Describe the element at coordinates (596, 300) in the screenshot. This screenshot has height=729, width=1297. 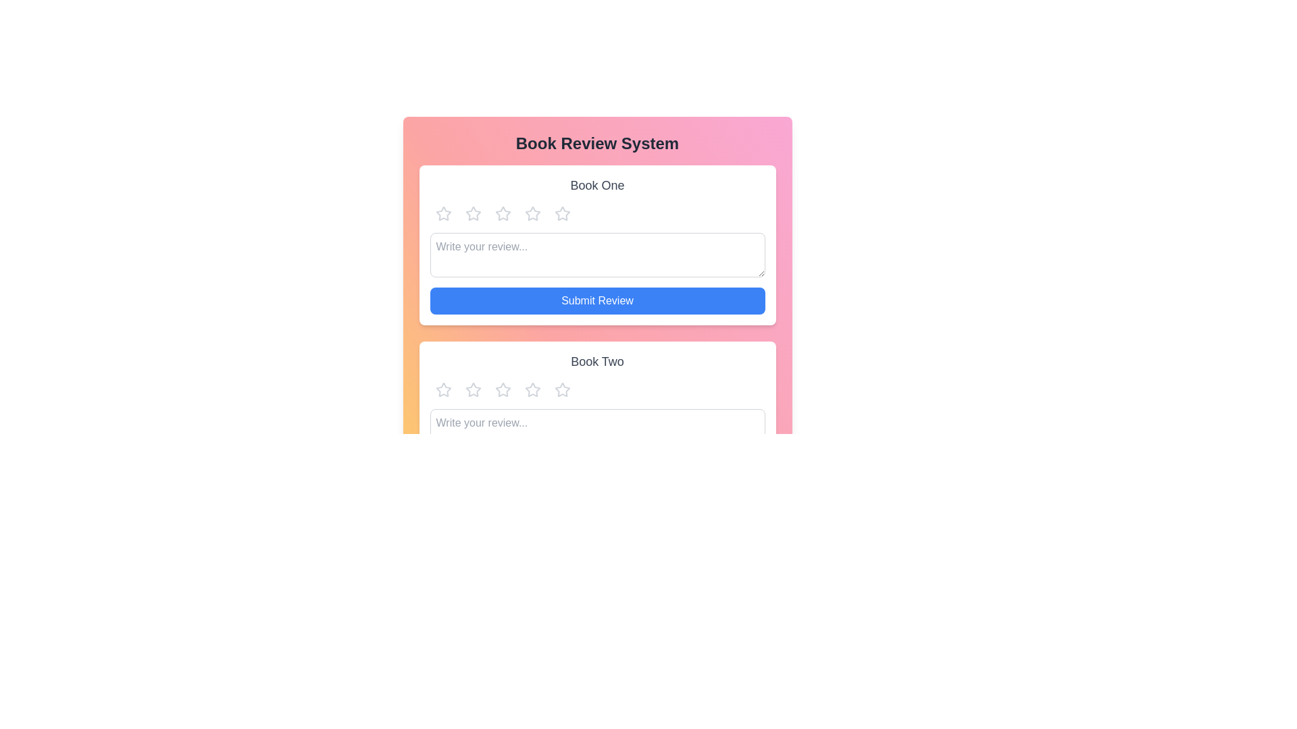
I see `'Submit Review' button for the first book` at that location.